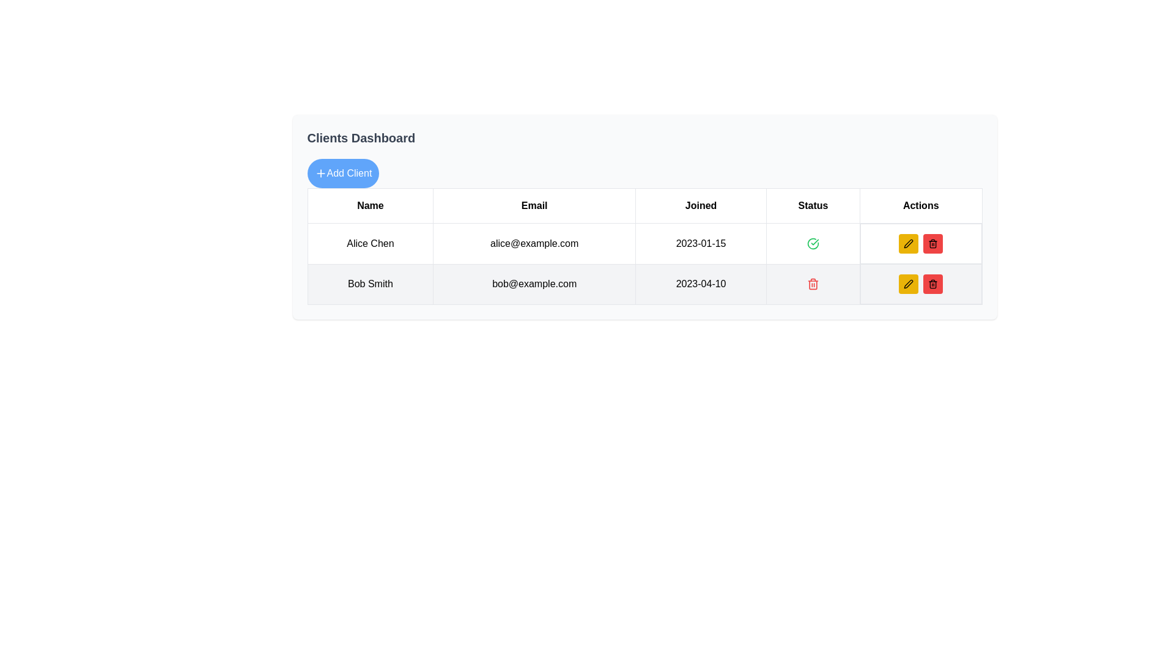  What do you see at coordinates (644, 284) in the screenshot?
I see `the buttons or icons in the second row of the table that contains the data for 'Bob Smith', 'bob@example.com', '2023-04-10'` at bounding box center [644, 284].